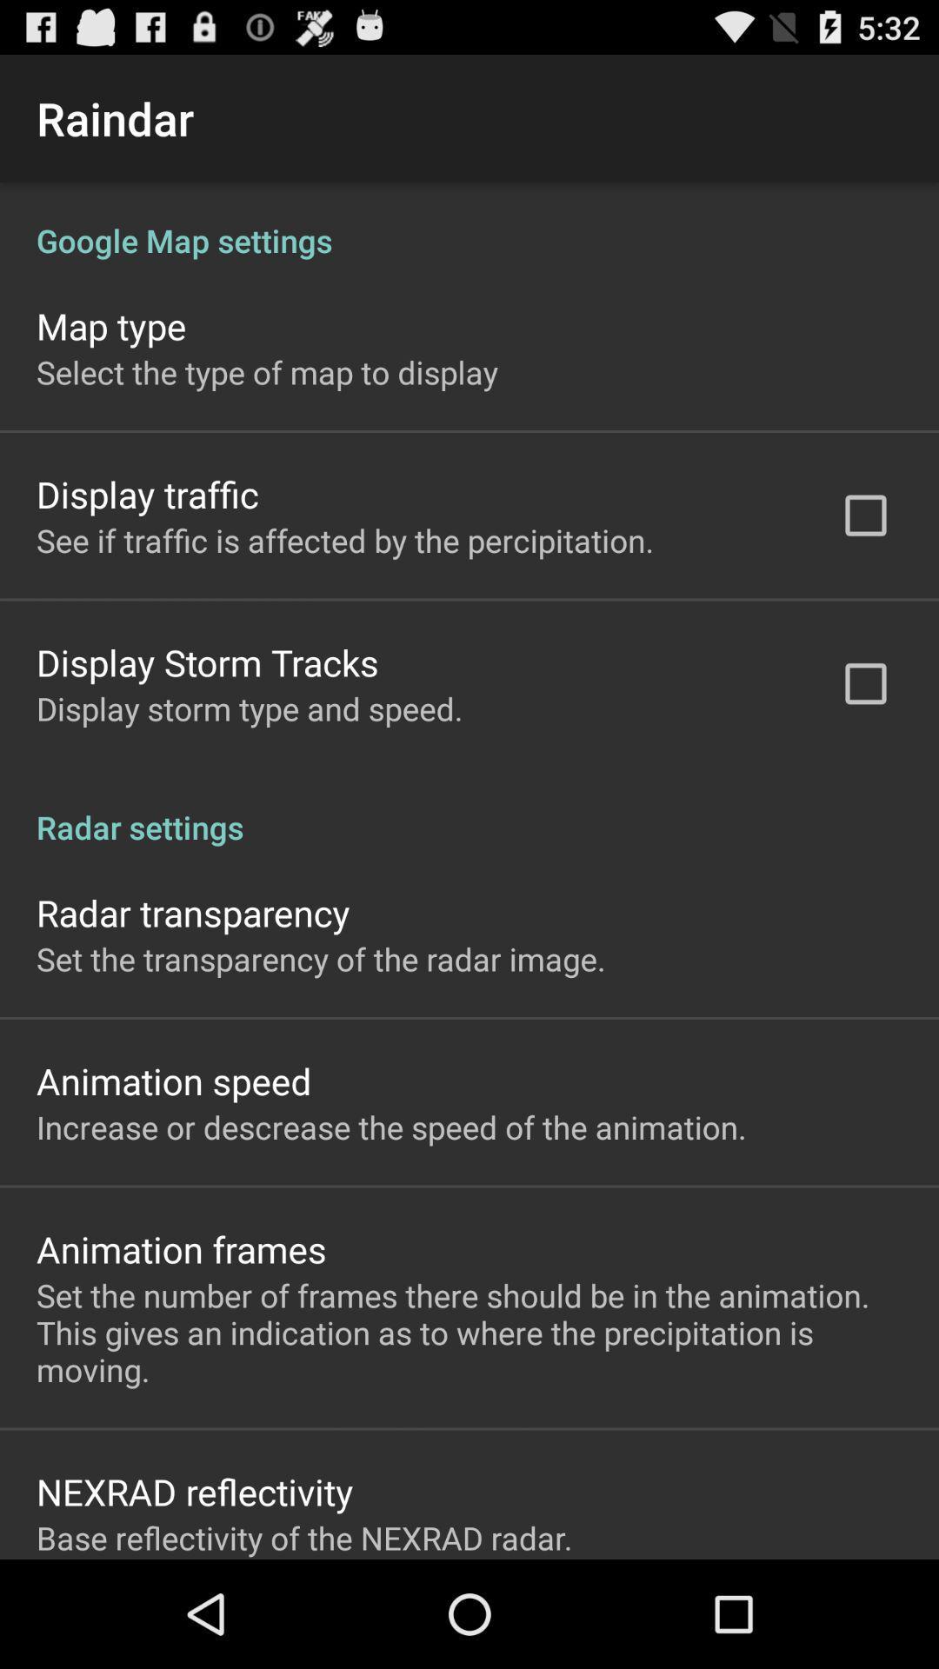 Image resolution: width=939 pixels, height=1669 pixels. Describe the element at coordinates (146, 493) in the screenshot. I see `item above see if traffic item` at that location.